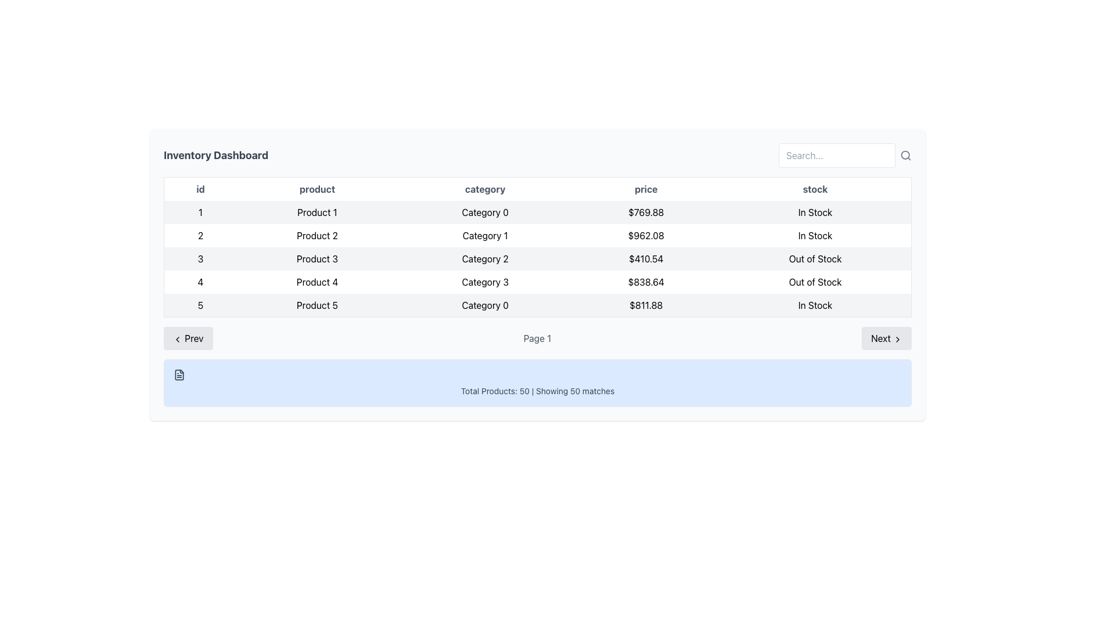 This screenshot has width=1115, height=627. I want to click on the second row of the data table, which contains cells with values such as '2', 'Product 2', 'Category 1', '$962.08', and 'In Stock', so click(537, 235).